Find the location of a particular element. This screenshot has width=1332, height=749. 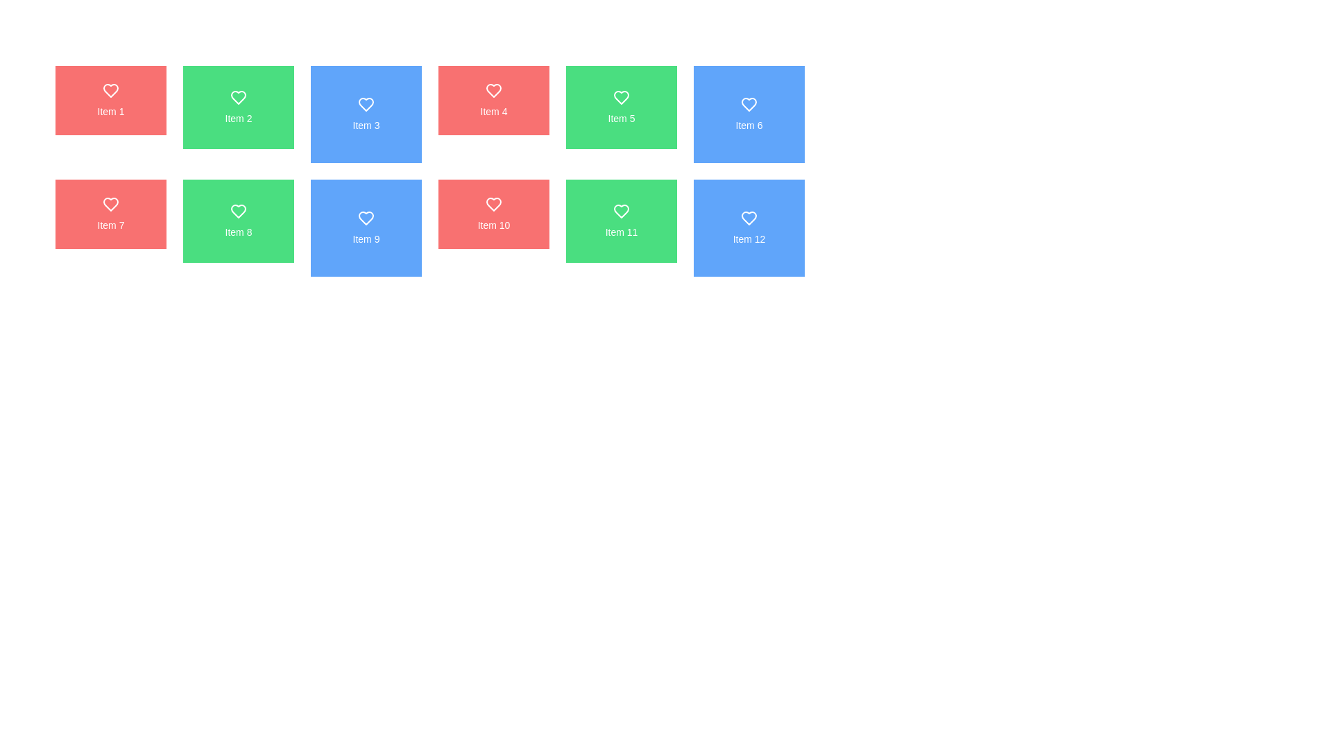

the heart icon, which is white in color and located on a green square background above the text label 'Item 11' is located at coordinates (621, 211).